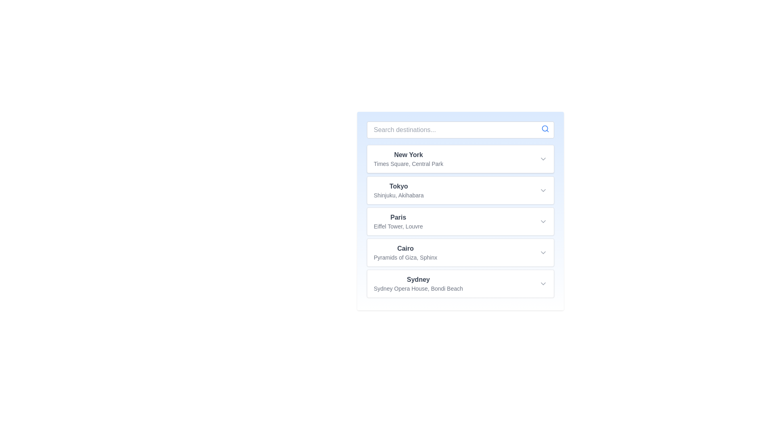  Describe the element at coordinates (461, 159) in the screenshot. I see `to select the first item in the vertically arranged selectable list representing 'New York' with associated details 'Times Square, Central Park'` at that location.